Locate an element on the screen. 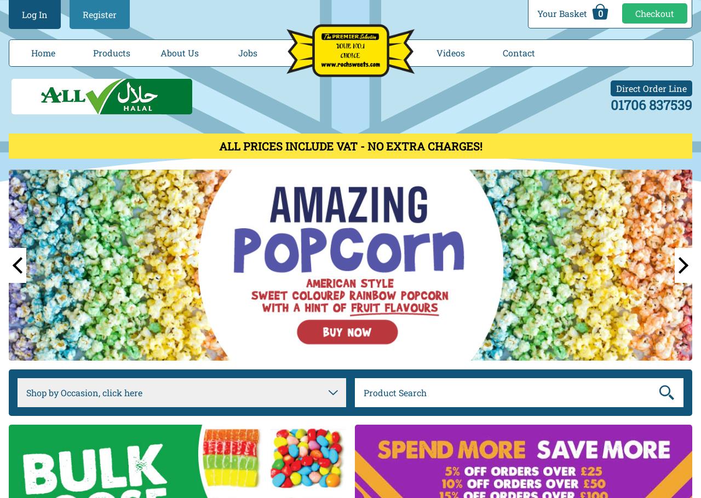 This screenshot has height=498, width=701. 'About Us' is located at coordinates (159, 52).